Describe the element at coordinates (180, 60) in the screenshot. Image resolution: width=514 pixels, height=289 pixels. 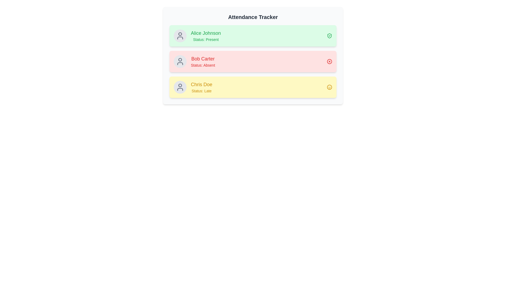
I see `the head circle of the user icon representing 'Bob Carter' in the 'Attendance Tracker' interface` at that location.